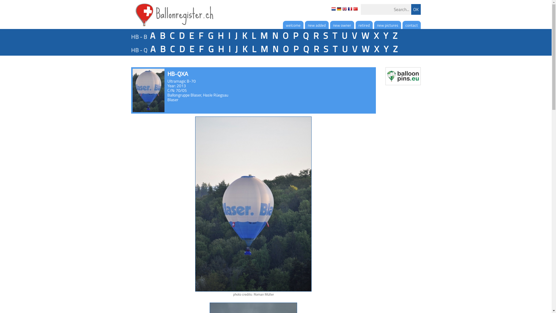 The height and width of the screenshot is (313, 556). Describe the element at coordinates (394, 36) in the screenshot. I see `'Z'` at that location.